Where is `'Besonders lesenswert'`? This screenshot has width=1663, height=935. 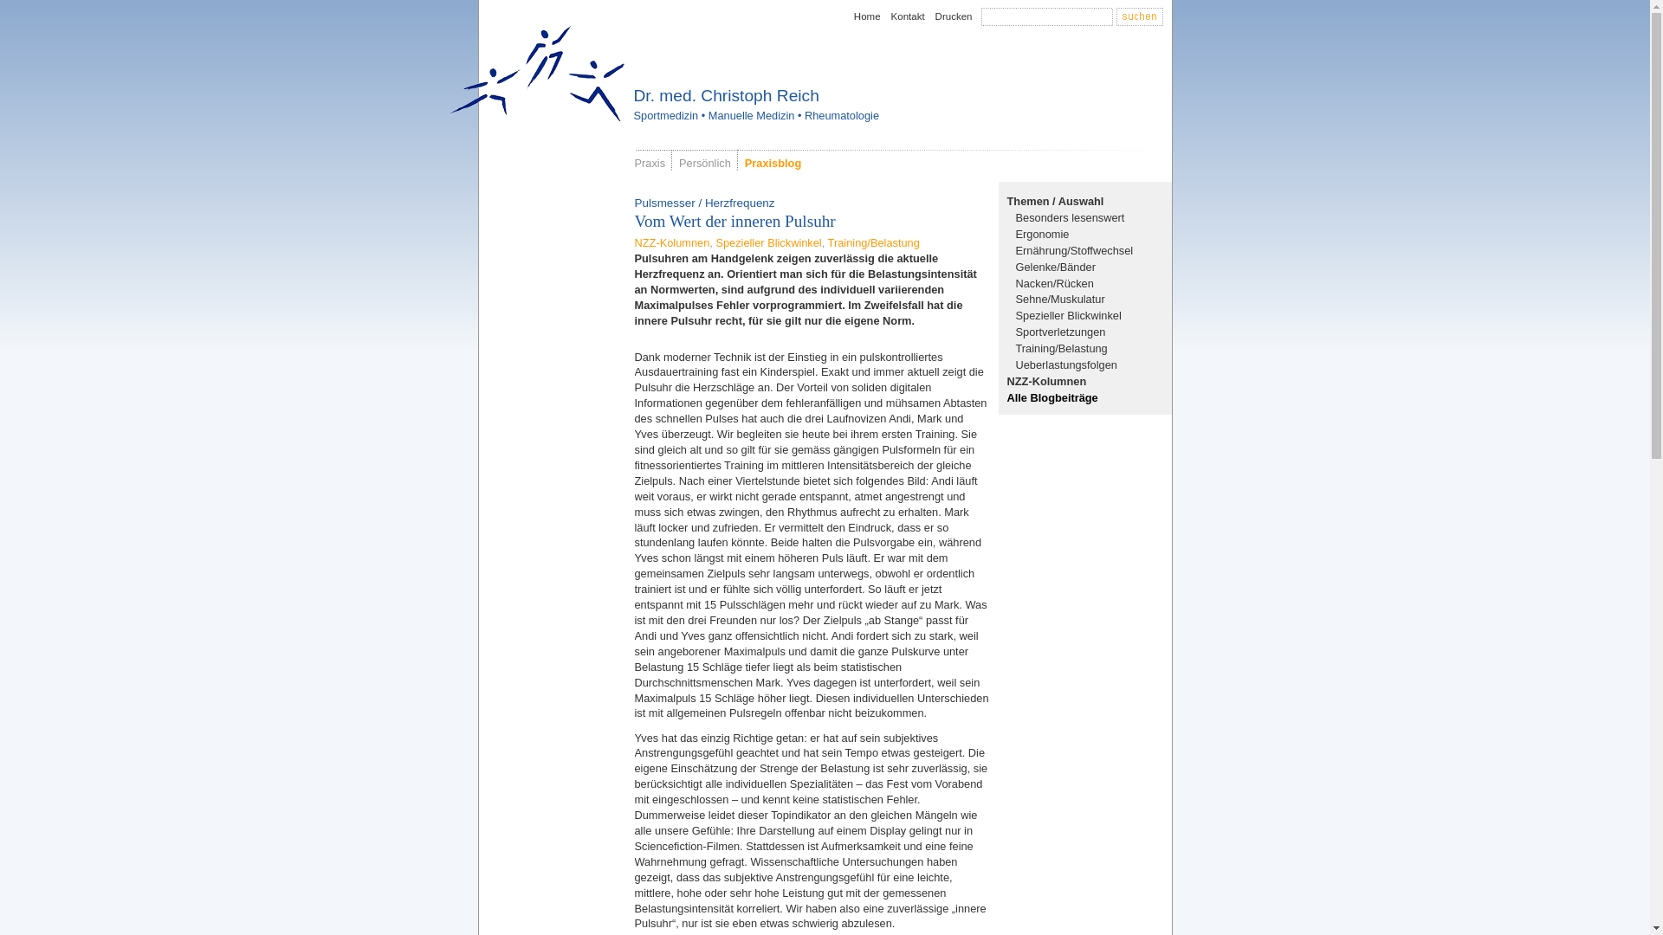 'Besonders lesenswert' is located at coordinates (1068, 216).